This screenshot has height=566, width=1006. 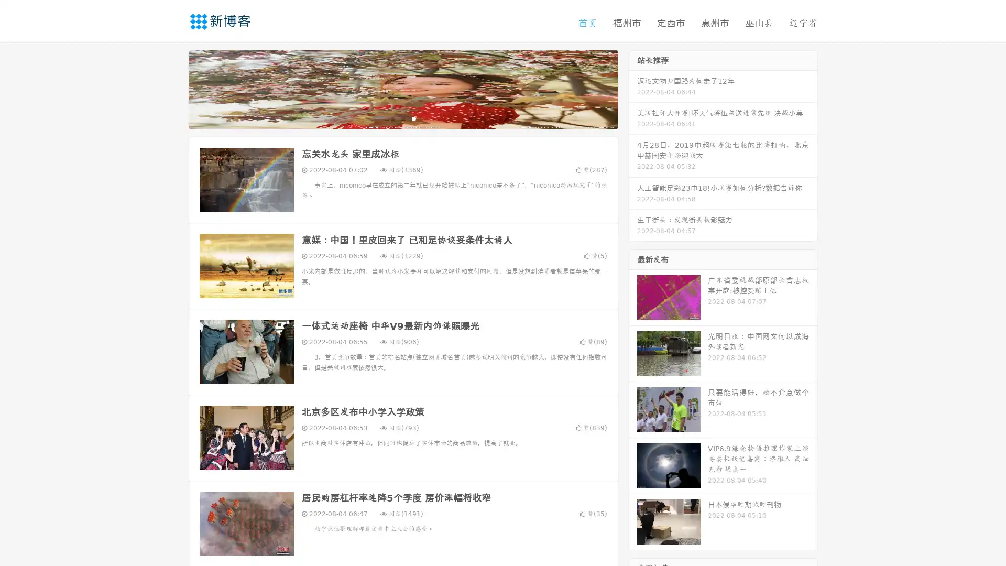 What do you see at coordinates (402, 118) in the screenshot?
I see `Go to slide 2` at bounding box center [402, 118].